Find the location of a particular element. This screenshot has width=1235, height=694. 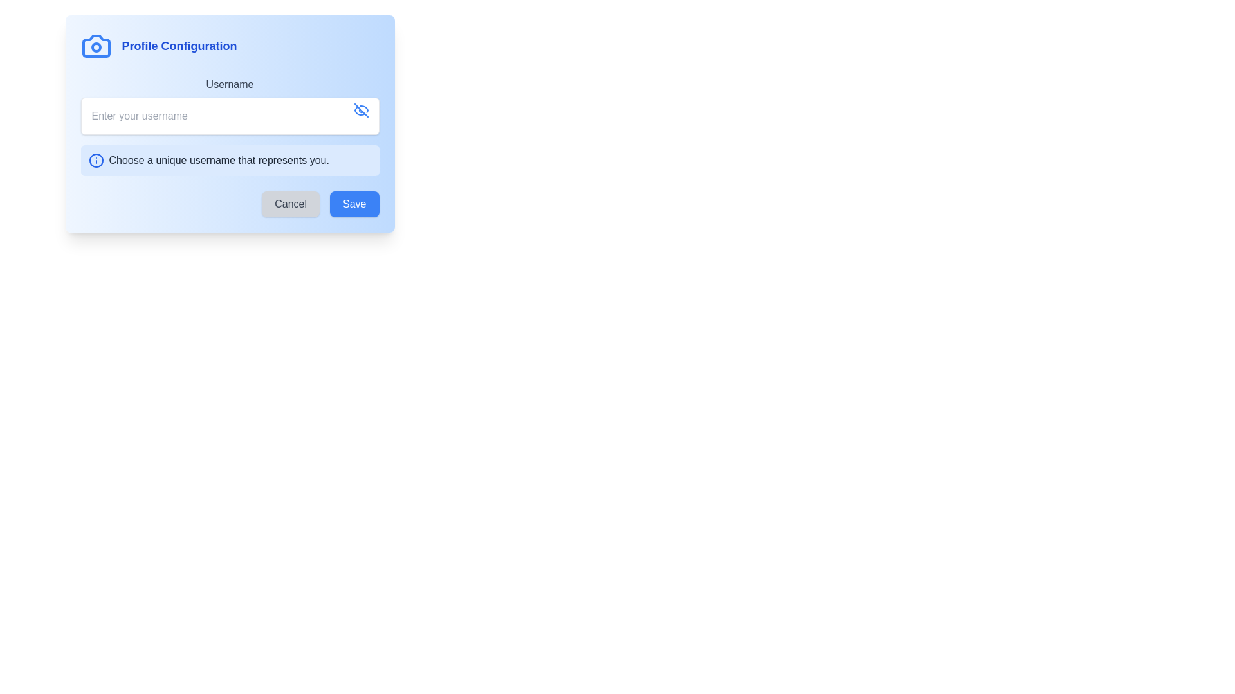

the circular icon with a blue outline and an exclamation mark, located to the left of the notification message 'Choose a unique username that represents you.' is located at coordinates (95, 160).